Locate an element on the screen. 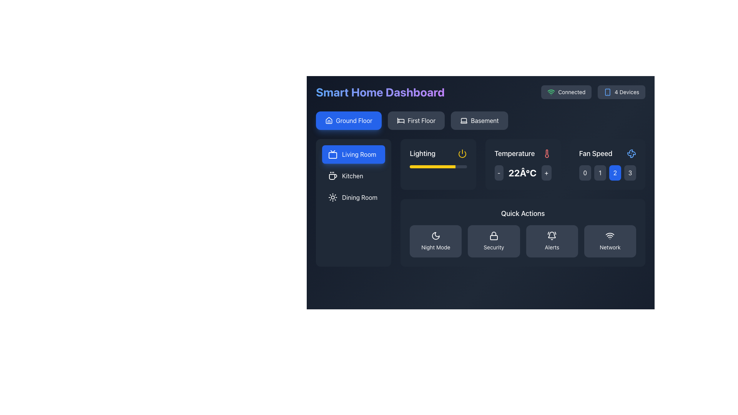 This screenshot has width=738, height=415. the 'Ground Floor' text label is located at coordinates (354, 120).